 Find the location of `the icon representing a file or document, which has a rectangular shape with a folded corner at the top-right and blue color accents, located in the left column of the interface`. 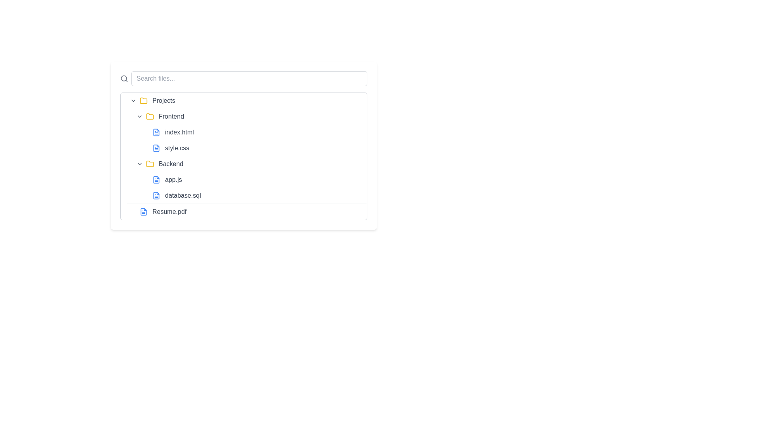

the icon representing a file or document, which has a rectangular shape with a folded corner at the top-right and blue color accents, located in the left column of the interface is located at coordinates (156, 148).